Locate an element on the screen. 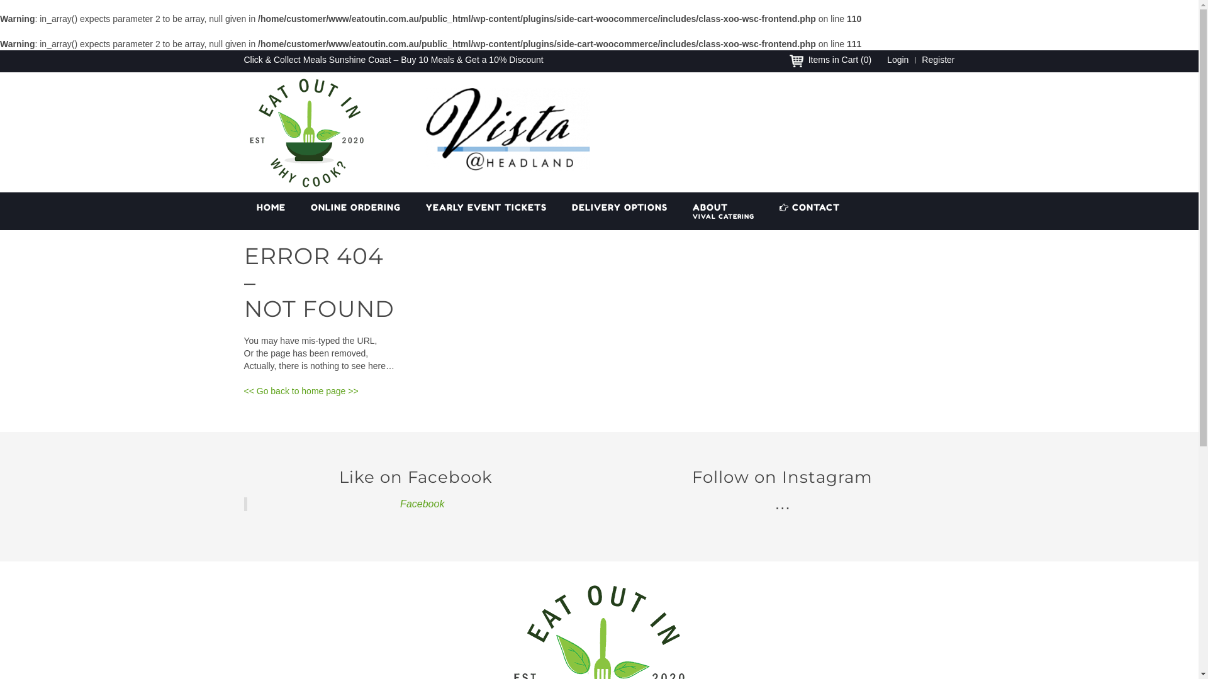 The width and height of the screenshot is (1208, 679). '<< Go back to home page >>' is located at coordinates (301, 390).